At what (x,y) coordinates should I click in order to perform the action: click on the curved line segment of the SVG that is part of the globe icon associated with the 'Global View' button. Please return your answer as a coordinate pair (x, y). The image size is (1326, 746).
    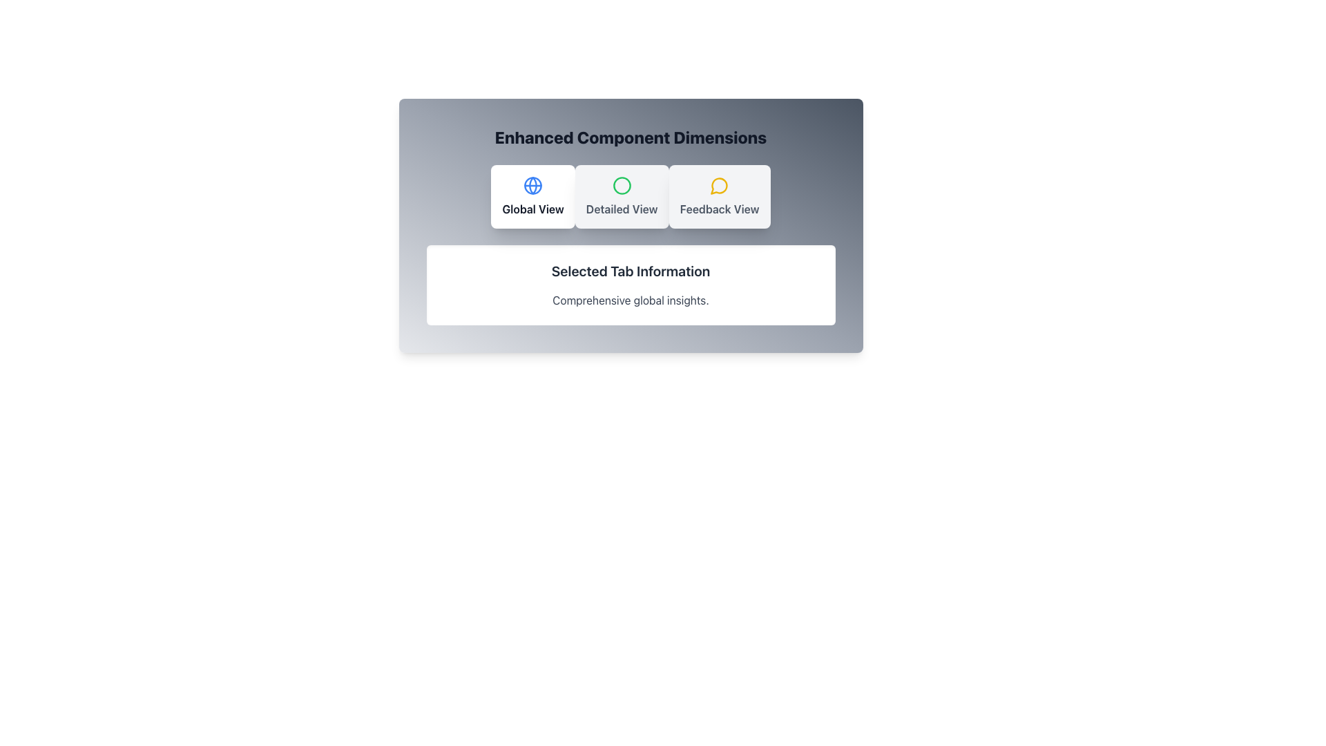
    Looking at the image, I should click on (532, 185).